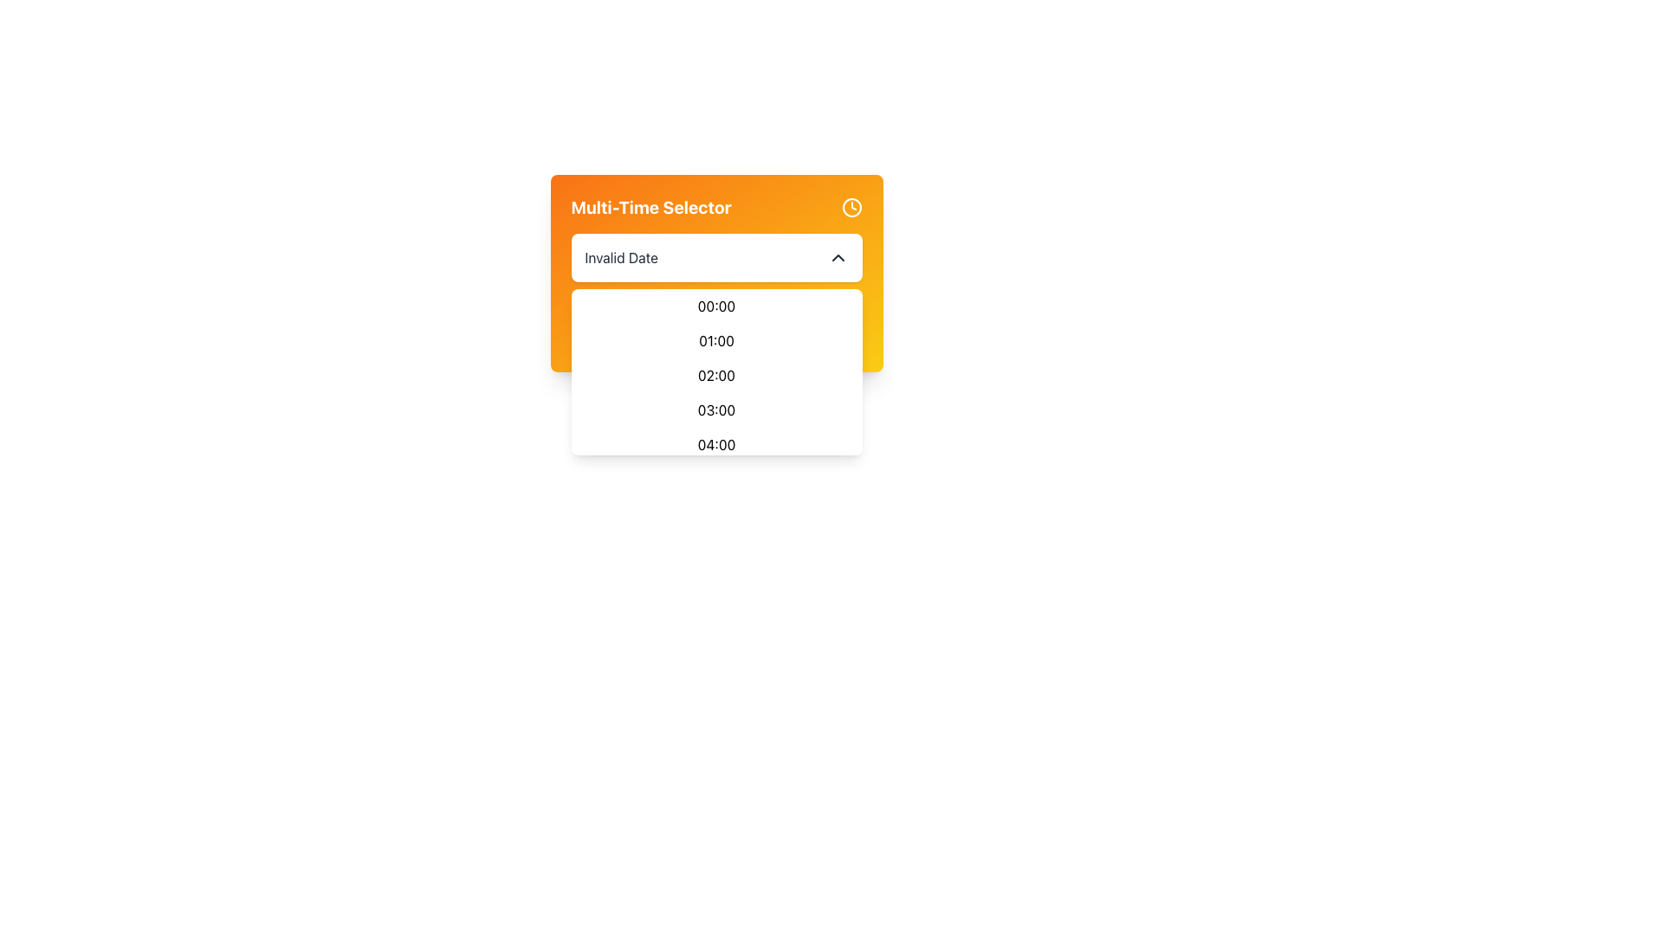 The height and width of the screenshot is (935, 1663). Describe the element at coordinates (716, 375) in the screenshot. I see `the text item '02:00' in the dropdown menu` at that location.